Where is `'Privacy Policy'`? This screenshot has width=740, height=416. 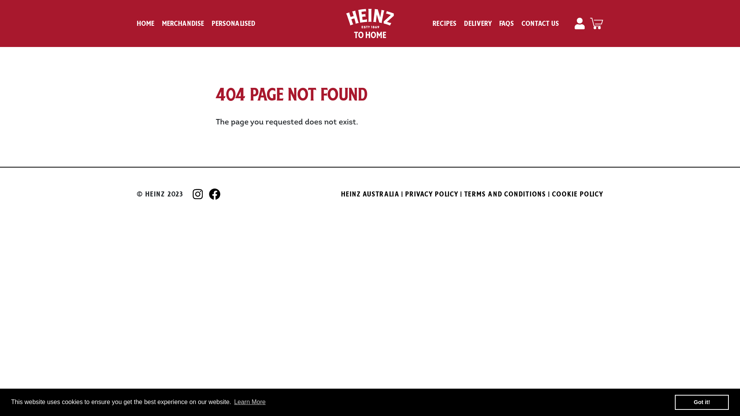 'Privacy Policy' is located at coordinates (432, 194).